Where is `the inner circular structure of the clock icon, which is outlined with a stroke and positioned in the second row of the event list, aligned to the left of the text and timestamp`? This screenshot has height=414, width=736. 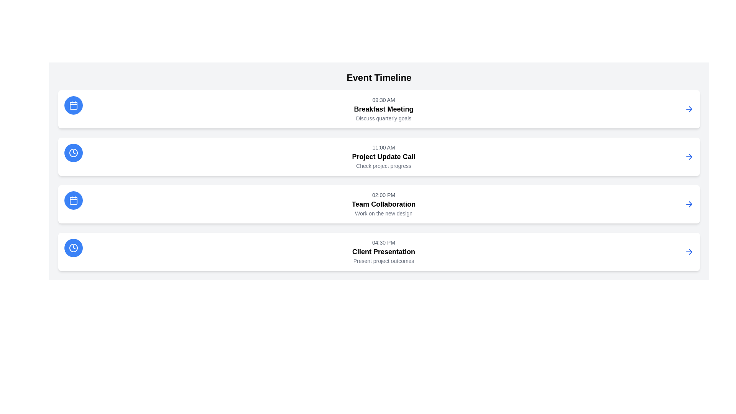
the inner circular structure of the clock icon, which is outlined with a stroke and positioned in the second row of the event list, aligned to the left of the text and timestamp is located at coordinates (74, 248).